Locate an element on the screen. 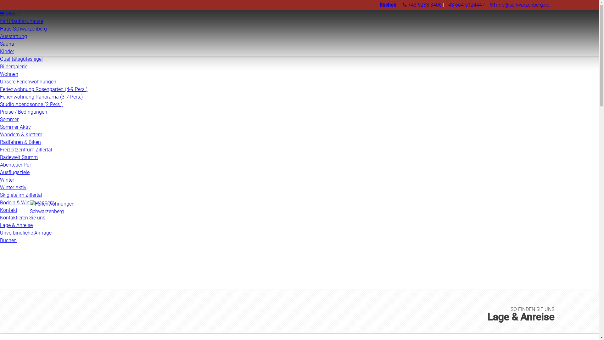  'Kontakt' is located at coordinates (8, 210).